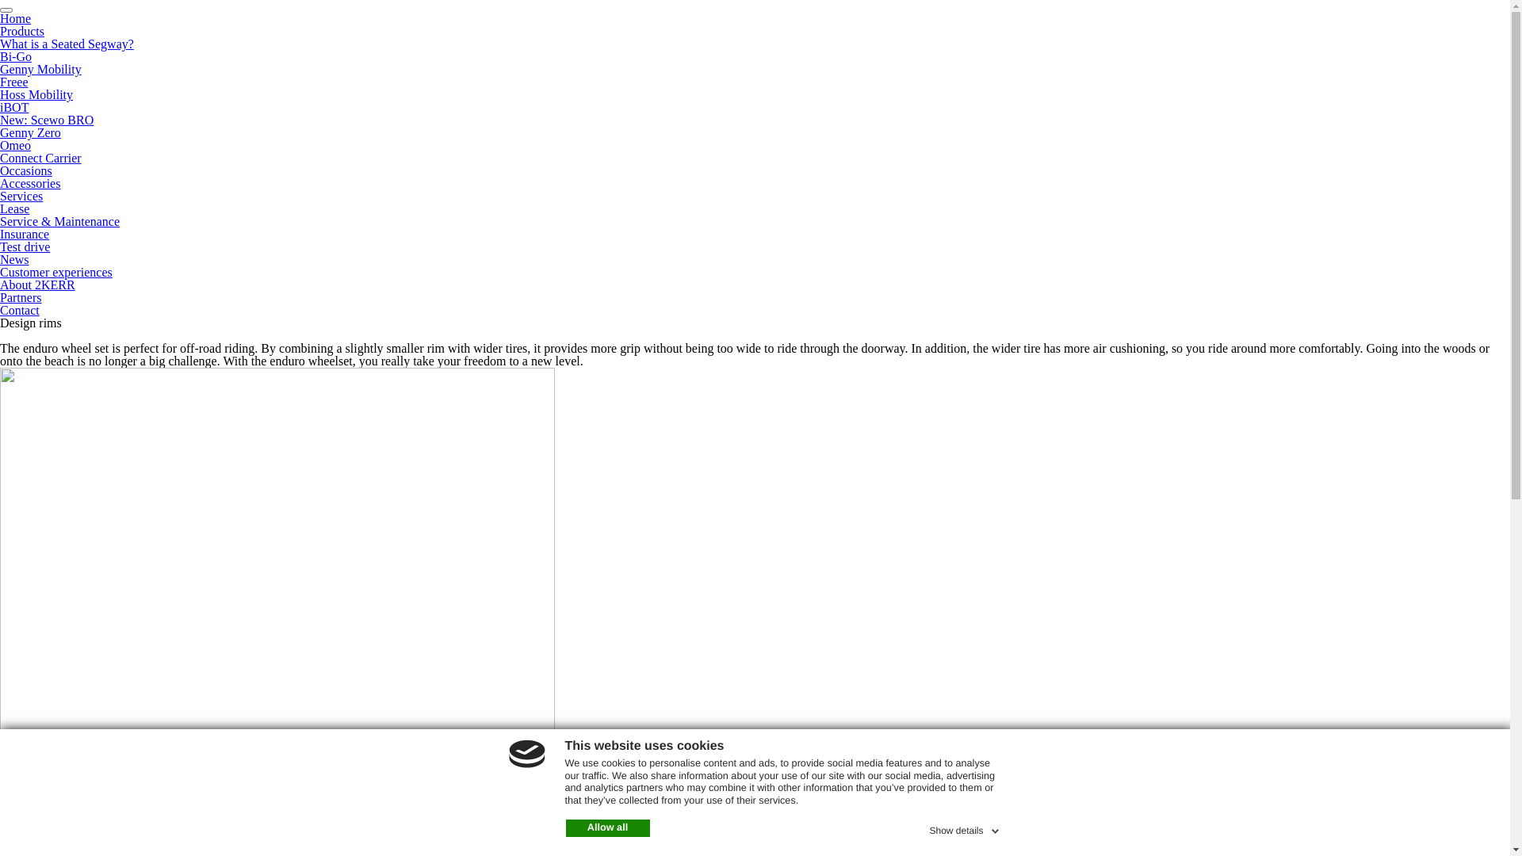  Describe the element at coordinates (14, 107) in the screenshot. I see `'iBOT'` at that location.